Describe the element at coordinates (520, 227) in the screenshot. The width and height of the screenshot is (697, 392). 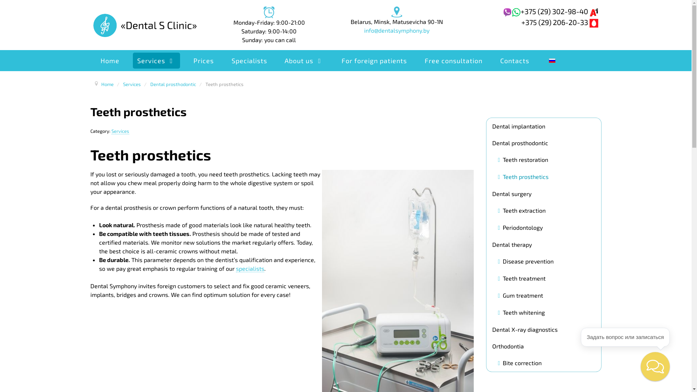
I see `'Periodontology'` at that location.